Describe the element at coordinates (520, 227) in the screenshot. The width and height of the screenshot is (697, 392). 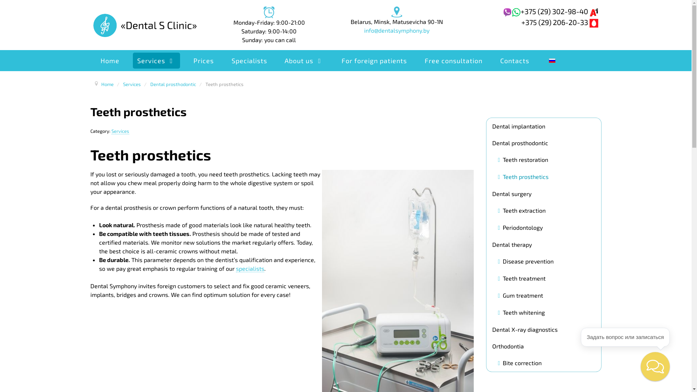
I see `'Periodontology'` at that location.